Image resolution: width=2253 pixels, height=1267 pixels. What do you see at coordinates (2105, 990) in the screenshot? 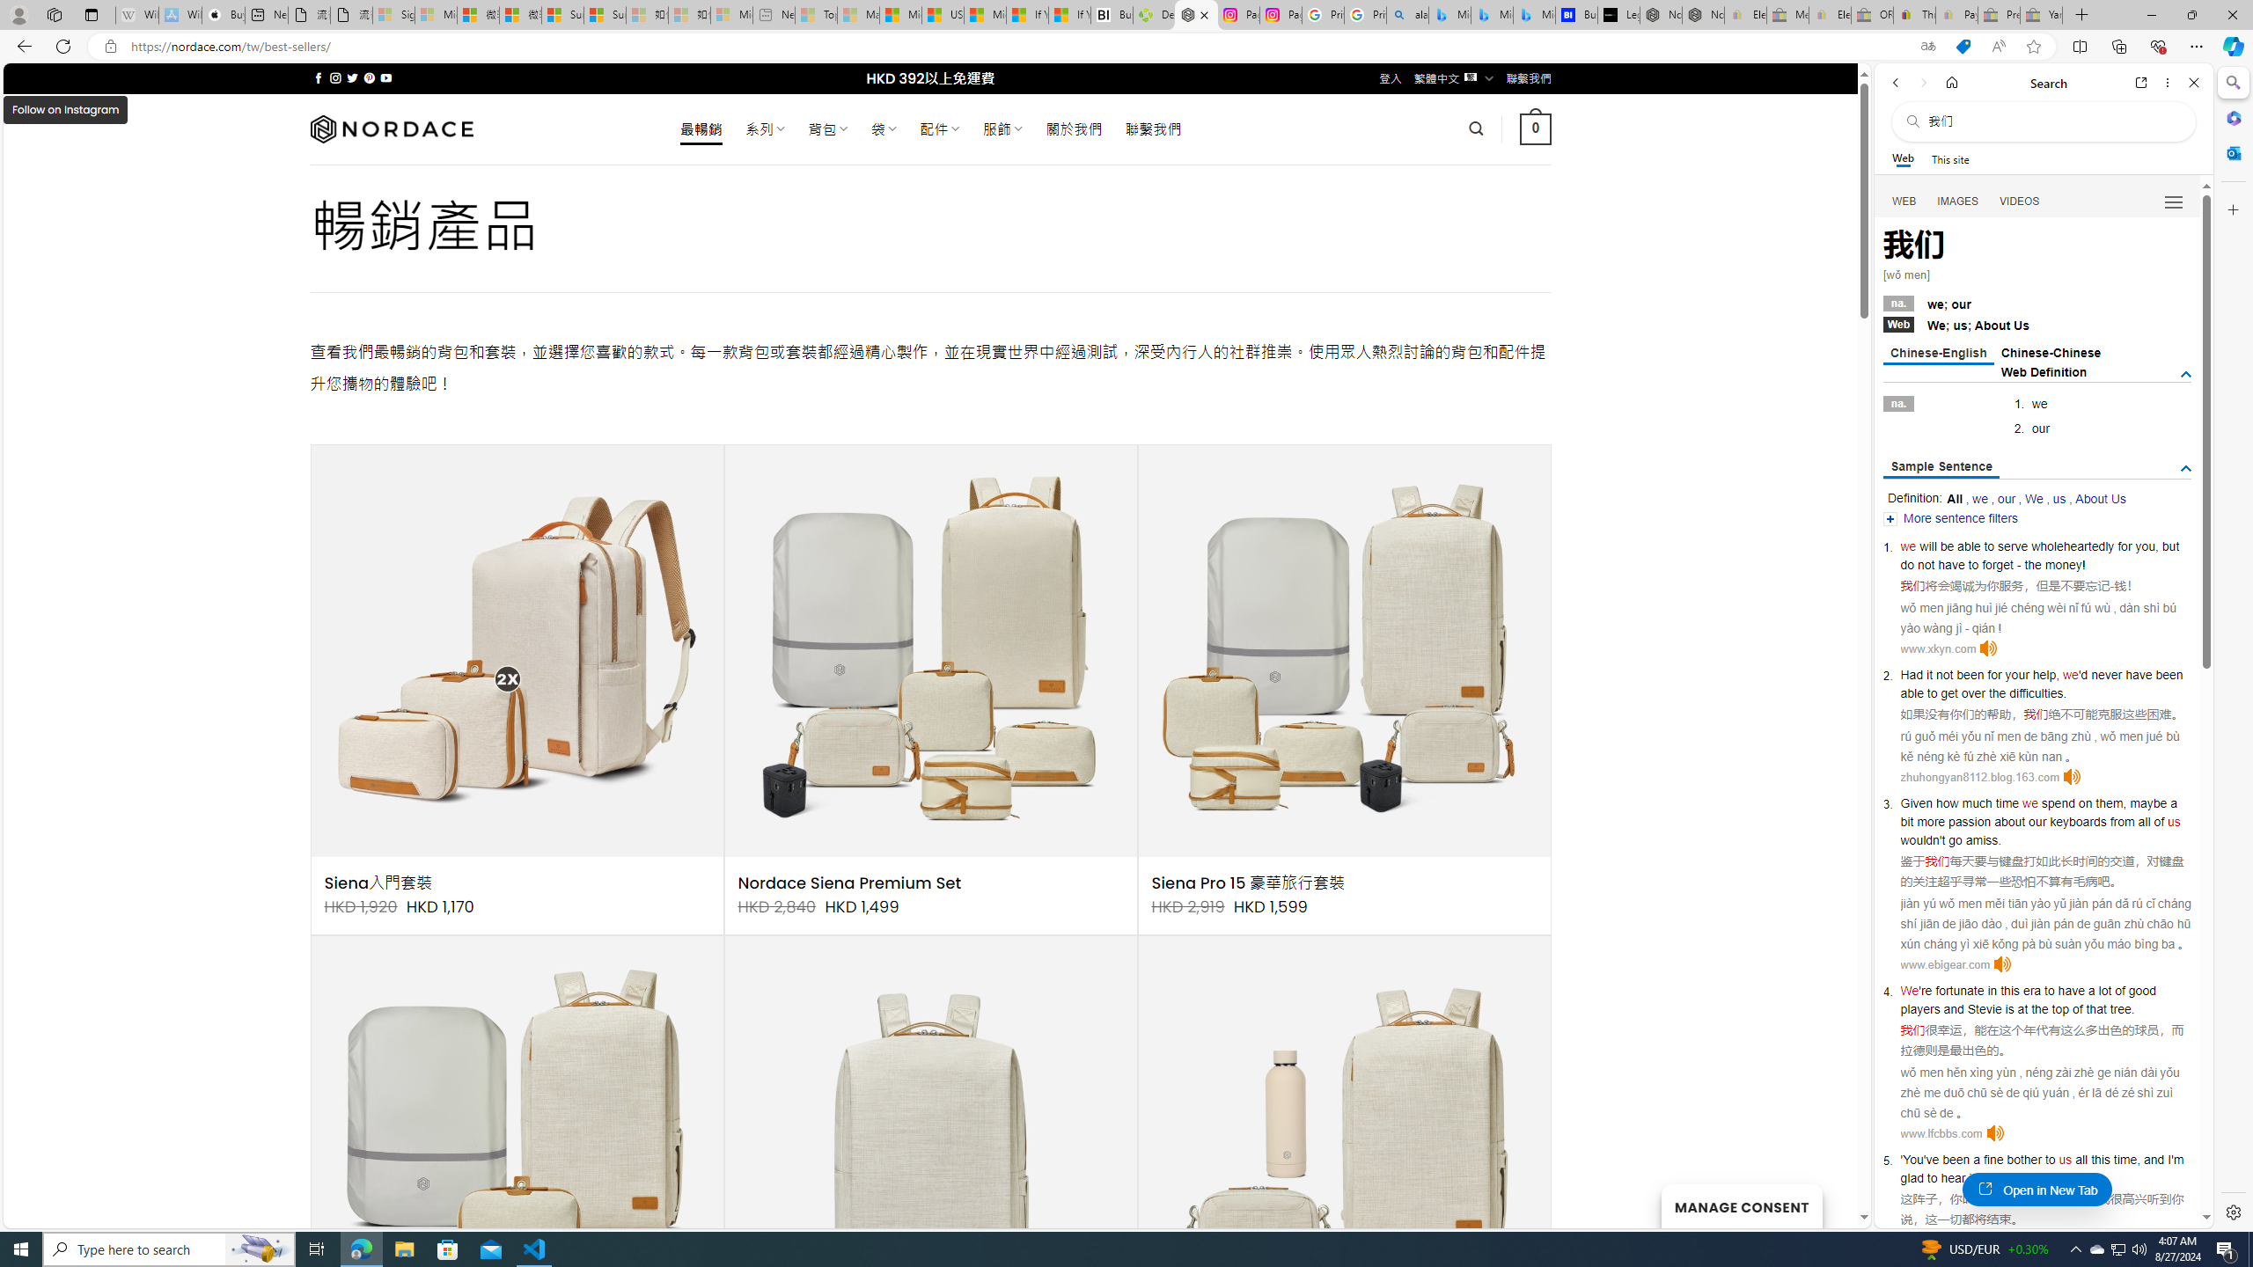
I see `'lot'` at bounding box center [2105, 990].